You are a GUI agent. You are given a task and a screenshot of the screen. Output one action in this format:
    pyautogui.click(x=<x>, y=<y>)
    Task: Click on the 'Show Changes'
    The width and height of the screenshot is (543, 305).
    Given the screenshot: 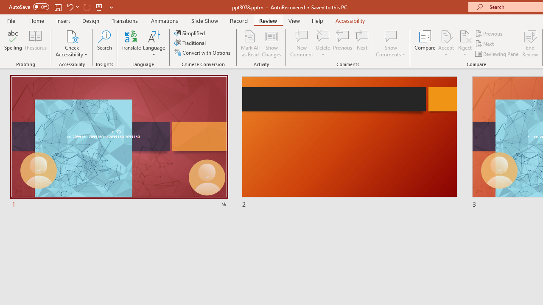 What is the action you would take?
    pyautogui.click(x=271, y=44)
    